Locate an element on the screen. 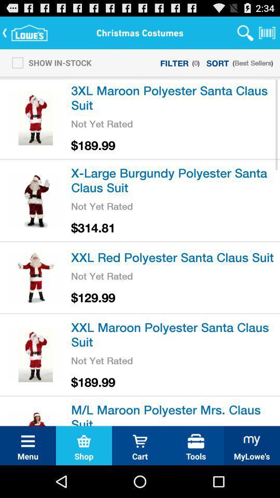  item to the left of the (0) icon is located at coordinates (174, 62).